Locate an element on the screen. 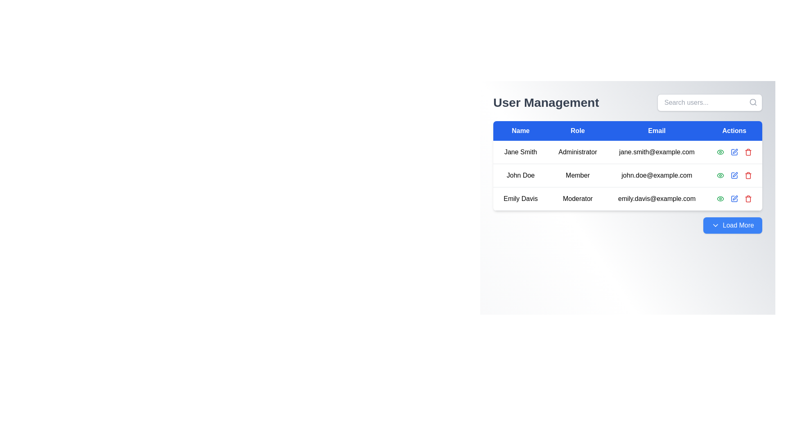  the magnifying glass icon located at the far right end of the 'Search users...' input field is located at coordinates (753, 102).